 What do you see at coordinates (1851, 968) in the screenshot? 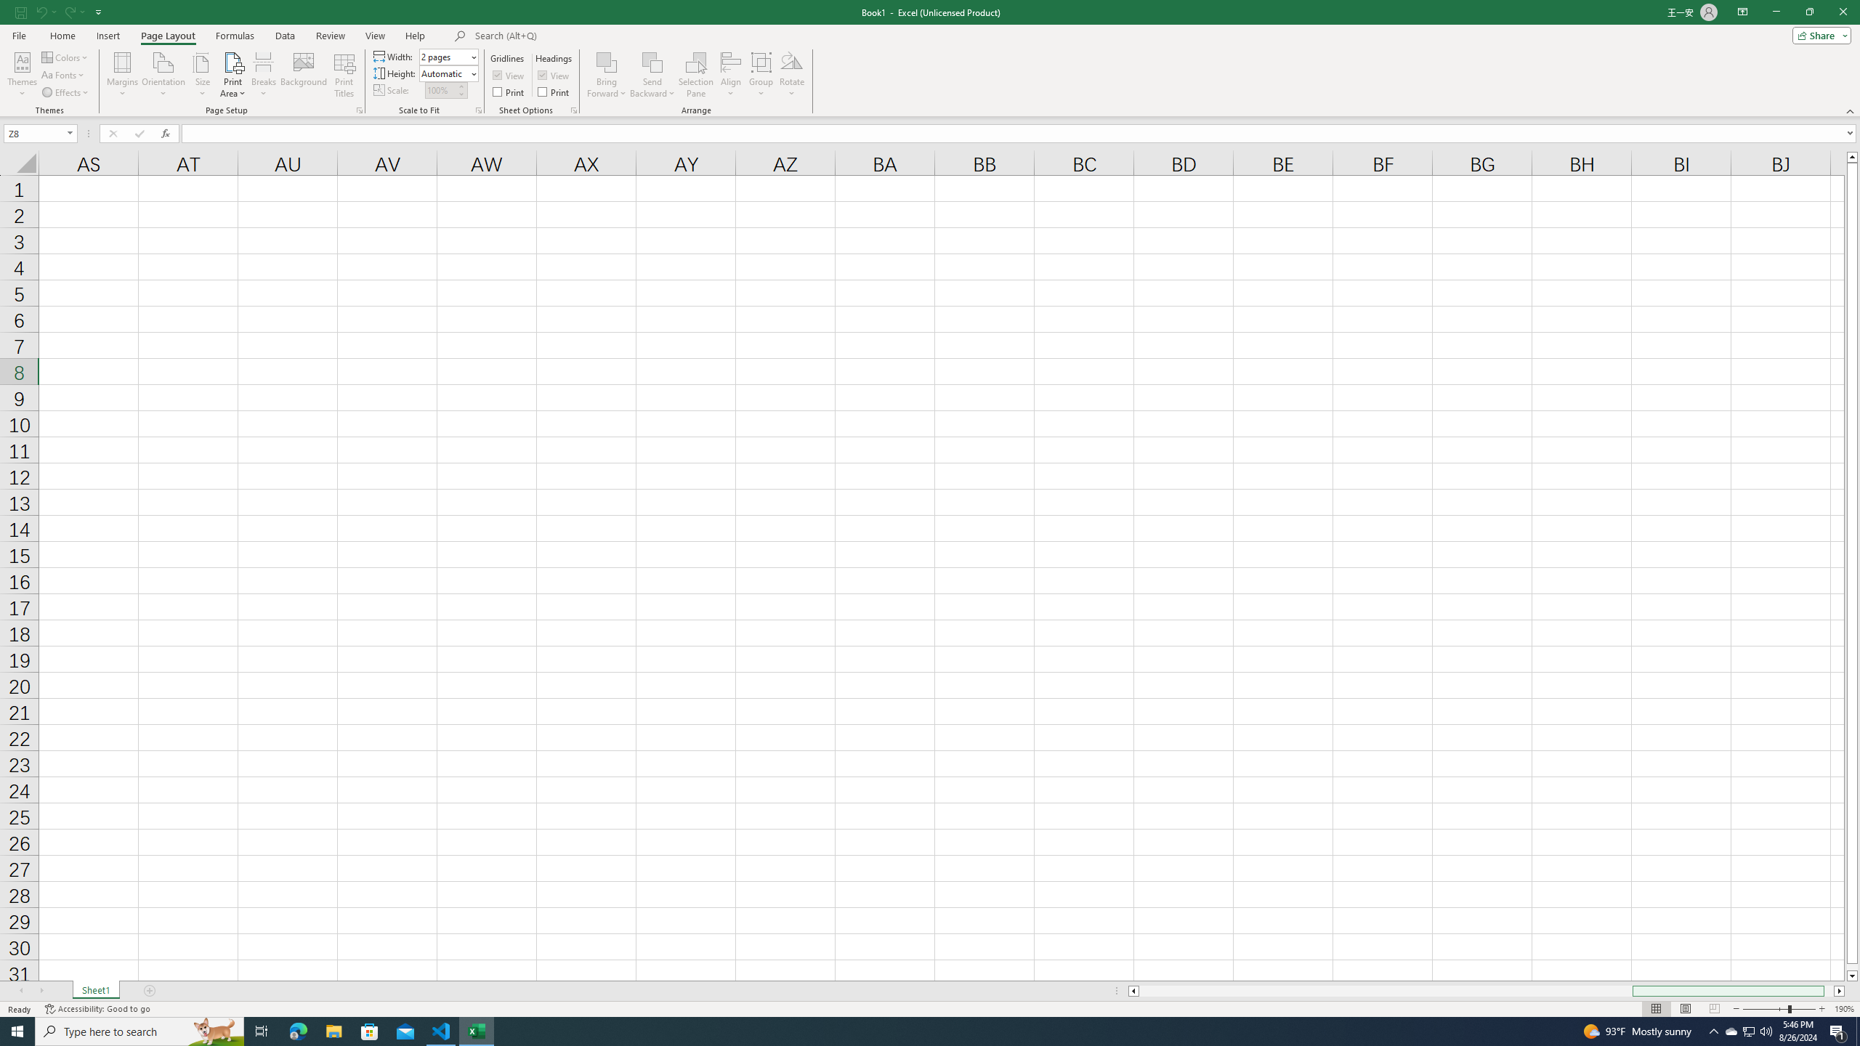
I see `'Page down'` at bounding box center [1851, 968].